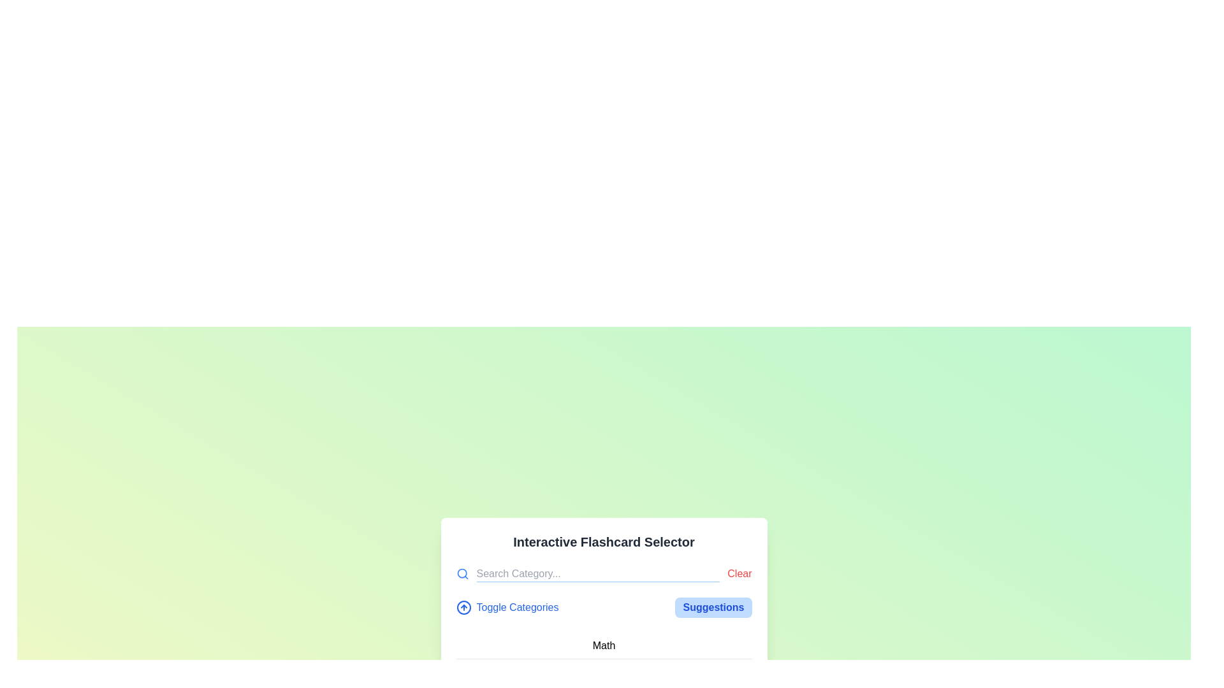 This screenshot has height=688, width=1224. What do you see at coordinates (603, 645) in the screenshot?
I see `to select the 'Math' category from the Text List Item located just below the 'Interactive Flashcard Selector' header` at bounding box center [603, 645].